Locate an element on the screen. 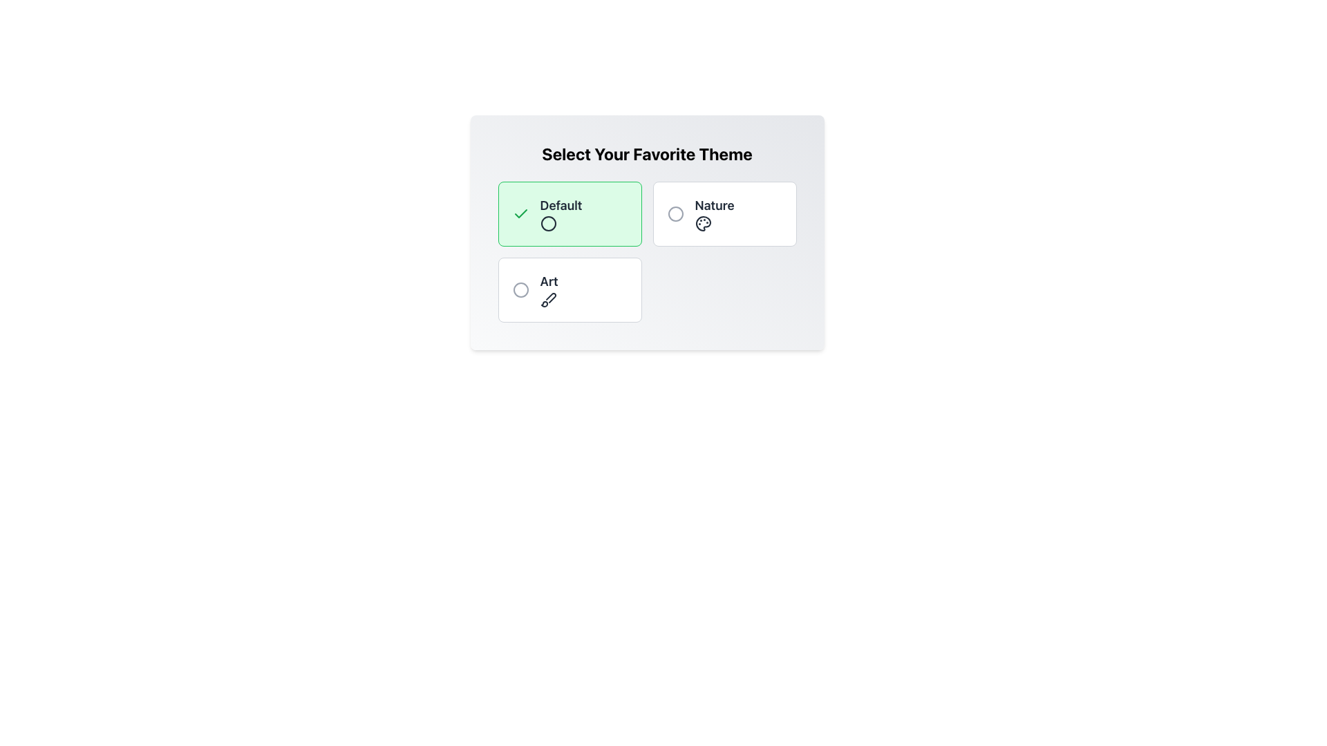 This screenshot has height=746, width=1327. the 'Art' theme icon located in the bottom-left quadrant of the options group, which visually represents the Art theme option is located at coordinates (549, 297).